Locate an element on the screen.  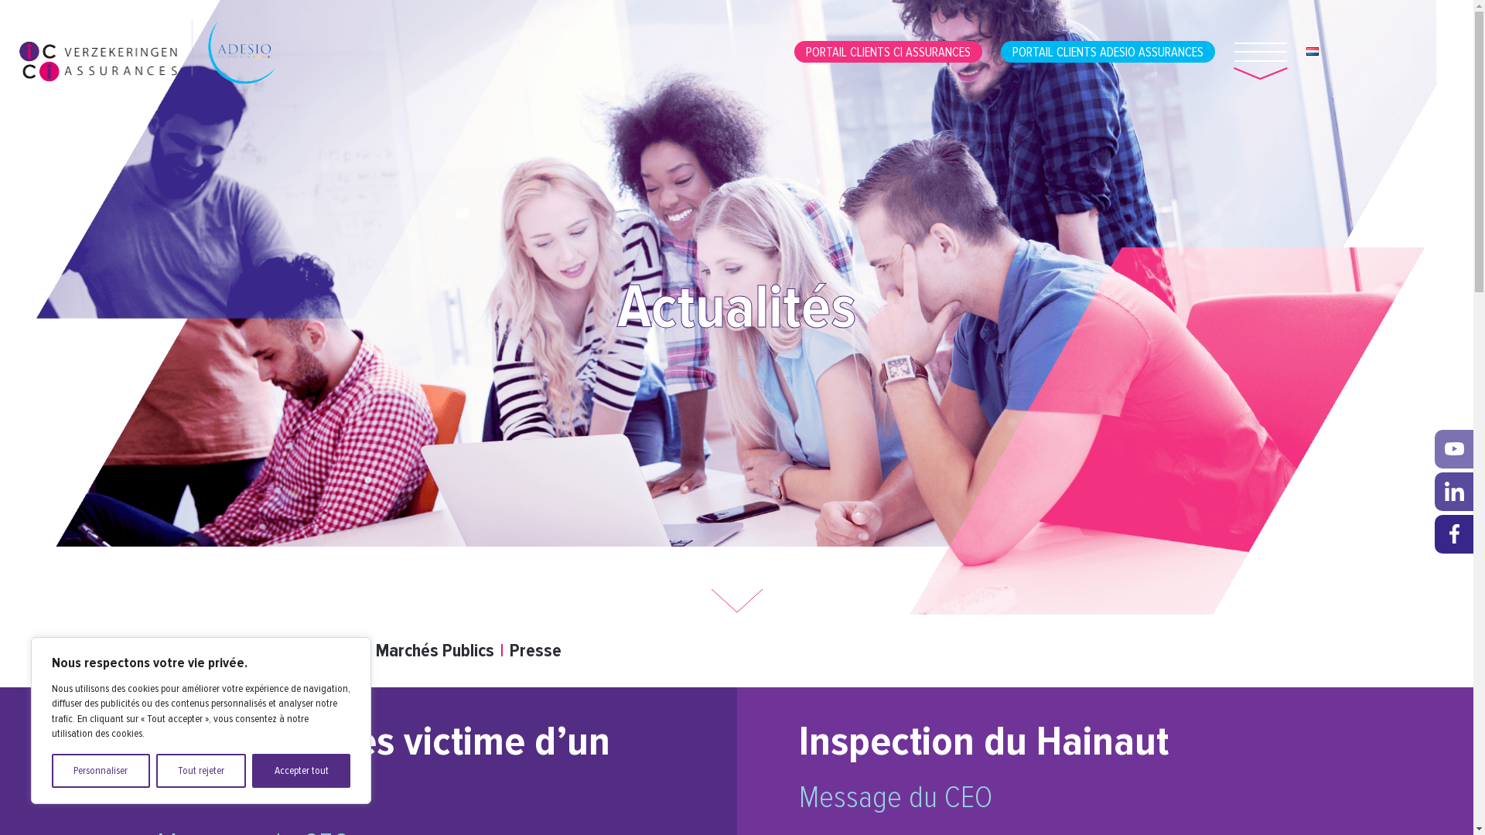
'Accepter tout' is located at coordinates (301, 770).